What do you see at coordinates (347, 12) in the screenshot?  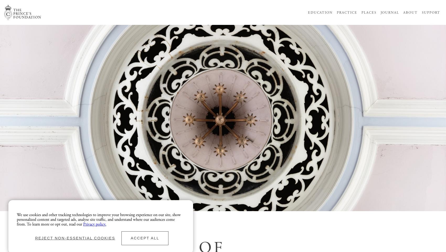 I see `'Practice'` at bounding box center [347, 12].